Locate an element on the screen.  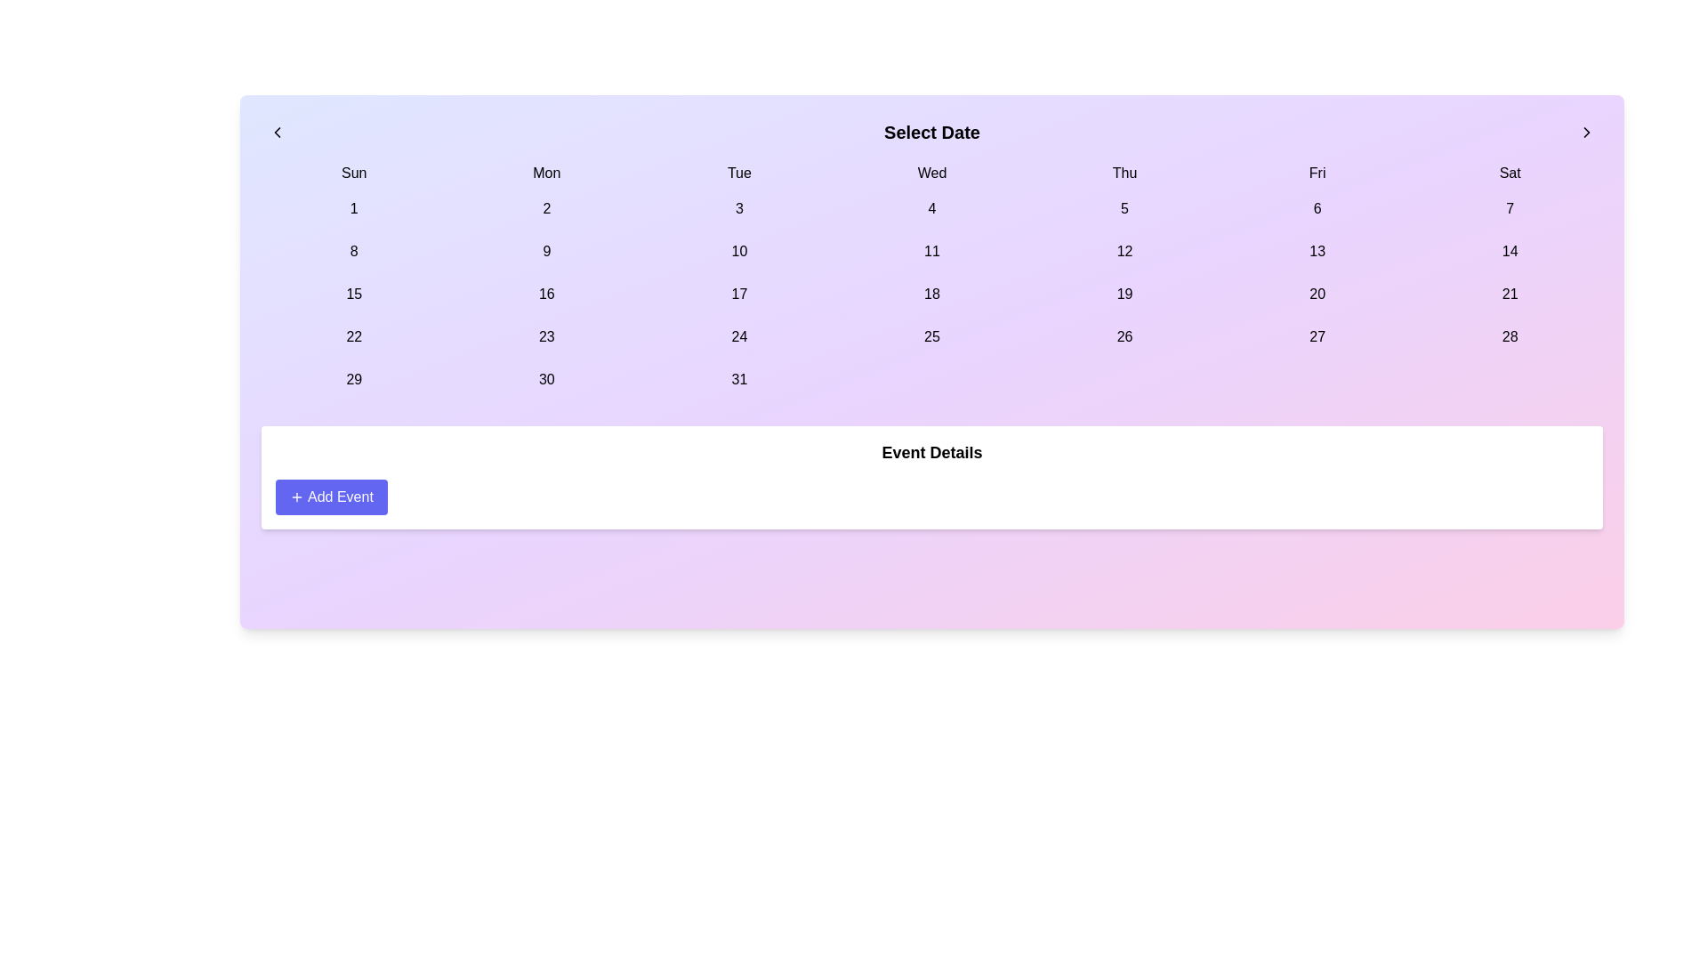
the calendar cell displaying the digit '3' in the third column under 'Tue' is located at coordinates (739, 208).